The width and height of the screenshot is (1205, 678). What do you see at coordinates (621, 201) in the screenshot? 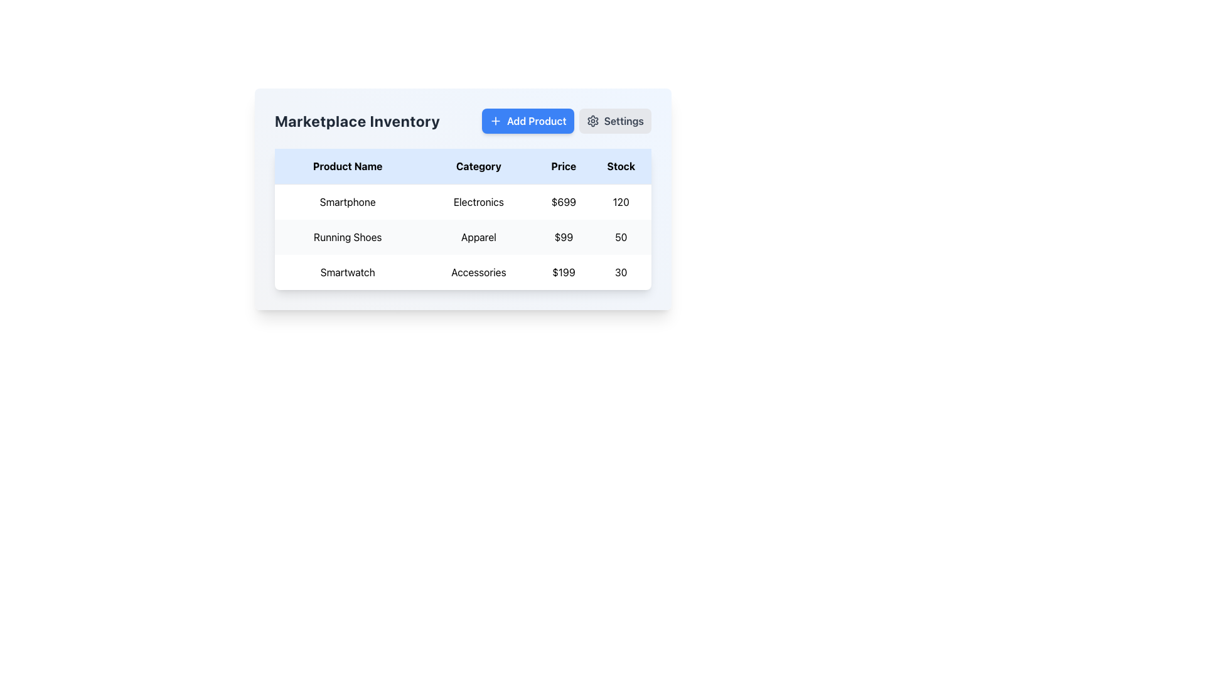
I see `the Text label displaying the number '120' in the 'Stock' column of the product information table for 'Smartphone'` at bounding box center [621, 201].